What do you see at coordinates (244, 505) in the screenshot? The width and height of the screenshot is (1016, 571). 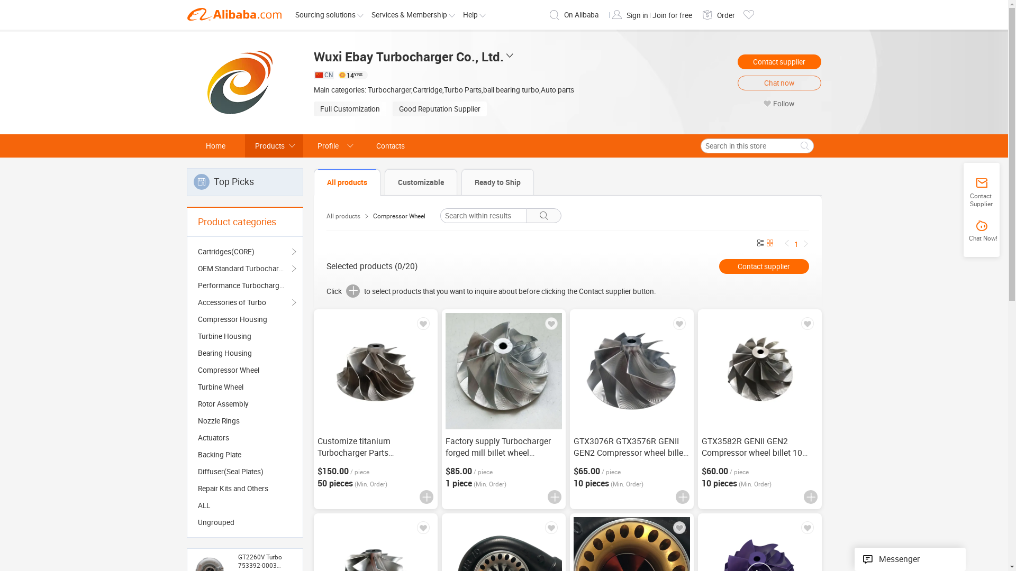 I see `'ALL'` at bounding box center [244, 505].